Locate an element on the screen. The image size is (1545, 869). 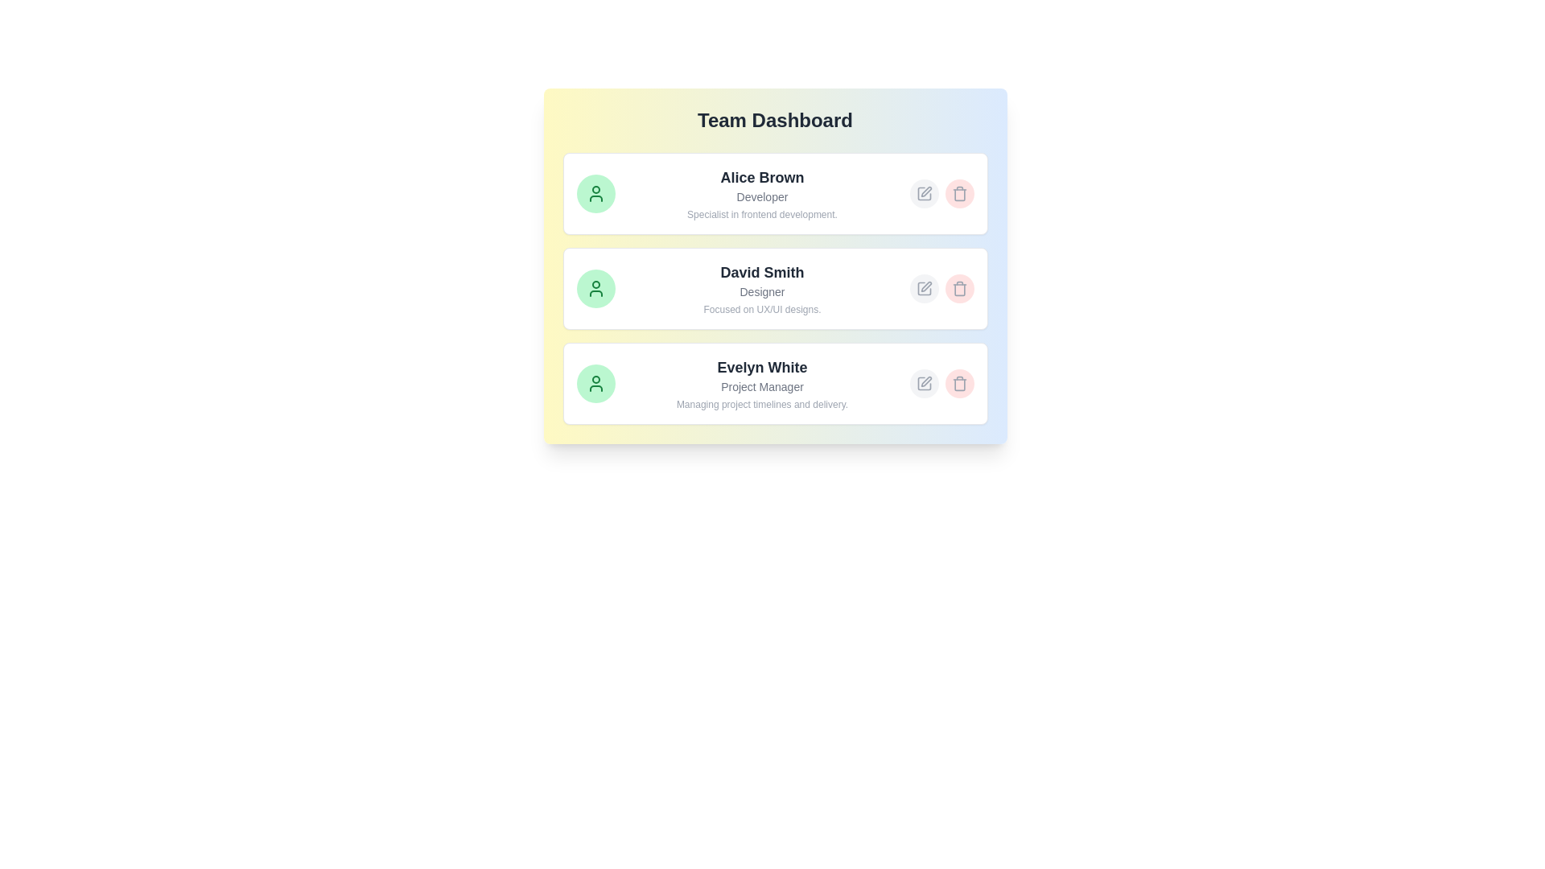
the trash can icon located at the right end of the third user entry 'Evelyn White' is located at coordinates (959, 385).